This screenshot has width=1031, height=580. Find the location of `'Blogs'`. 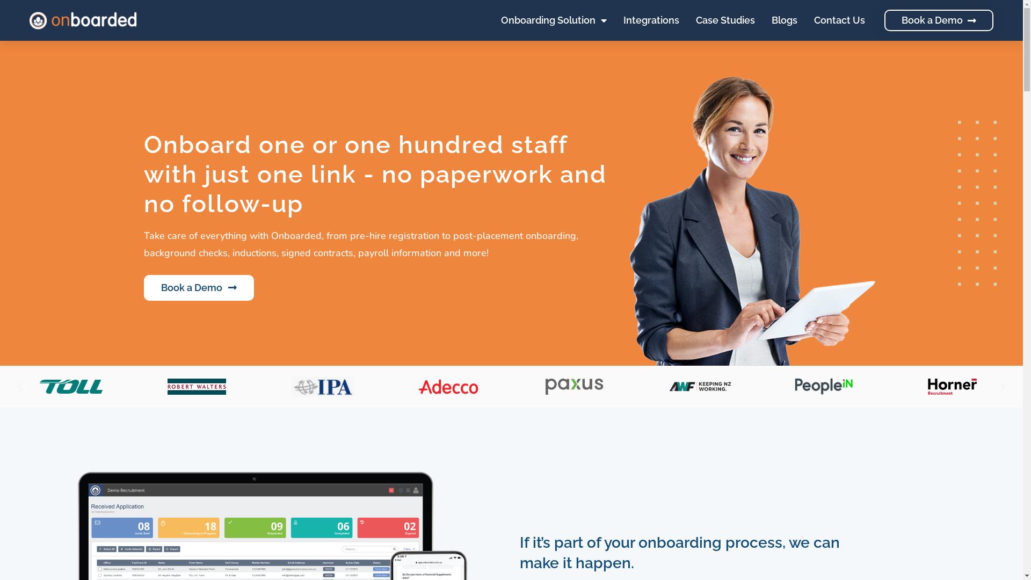

'Blogs' is located at coordinates (784, 20).